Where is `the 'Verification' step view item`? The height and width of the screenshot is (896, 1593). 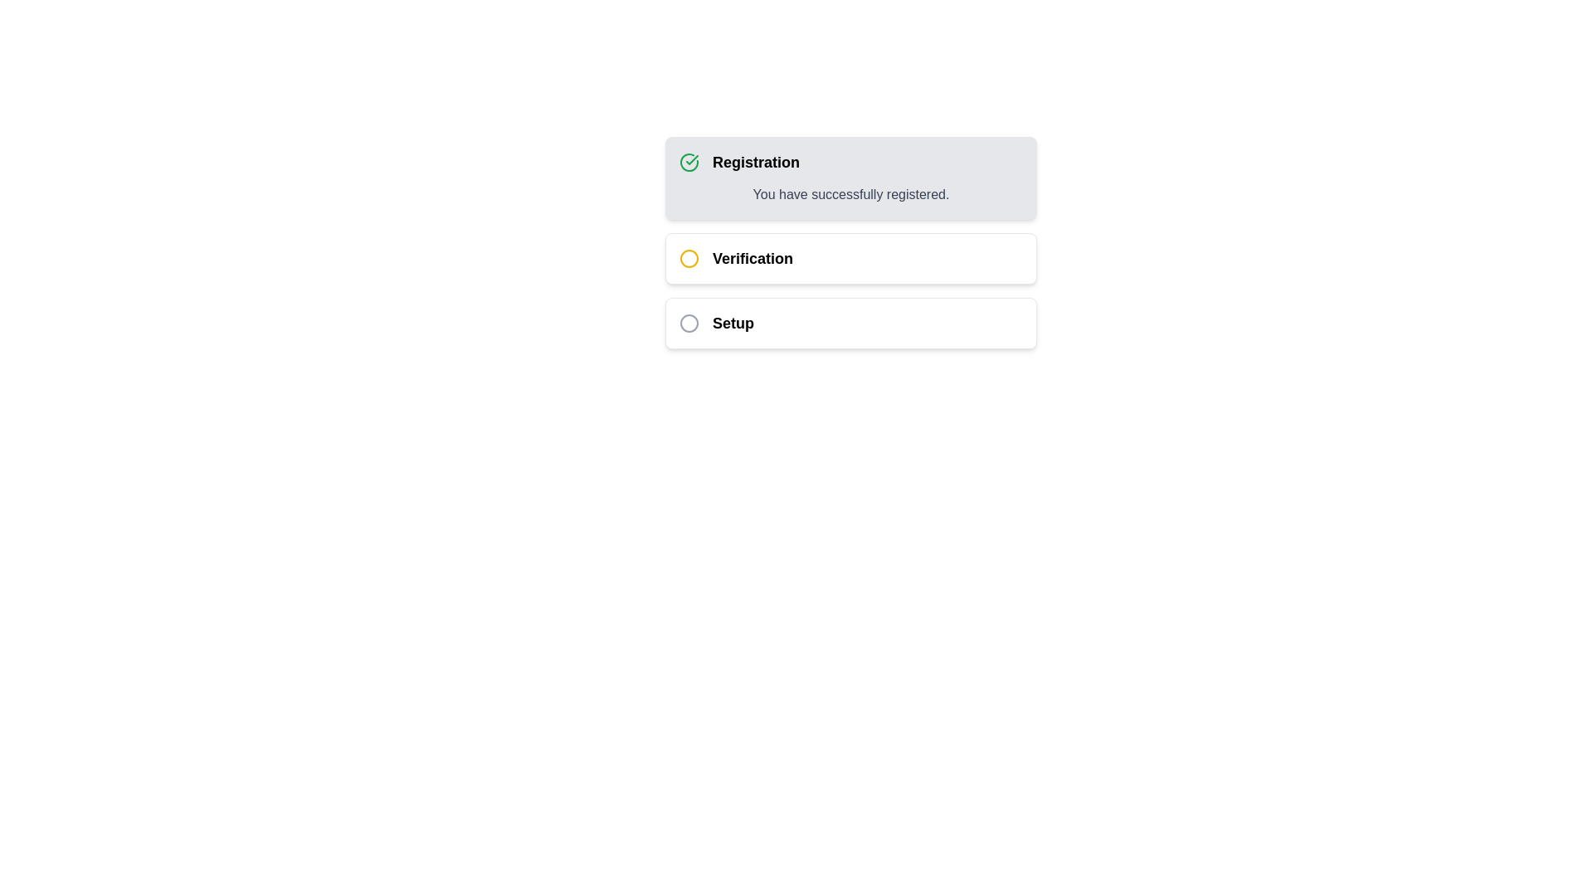 the 'Verification' step view item is located at coordinates (851, 243).